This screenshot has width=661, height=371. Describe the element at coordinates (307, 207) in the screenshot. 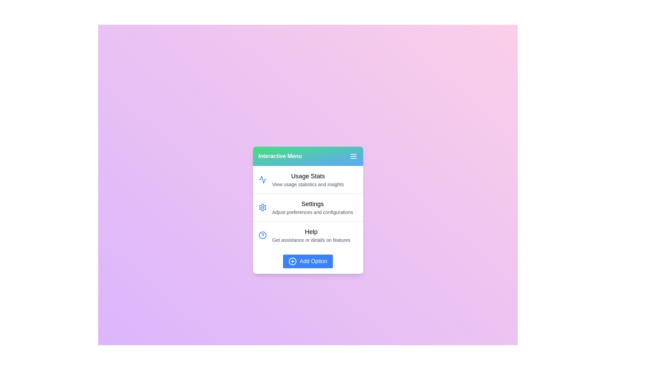

I see `the menu item Settings to highlight it` at that location.